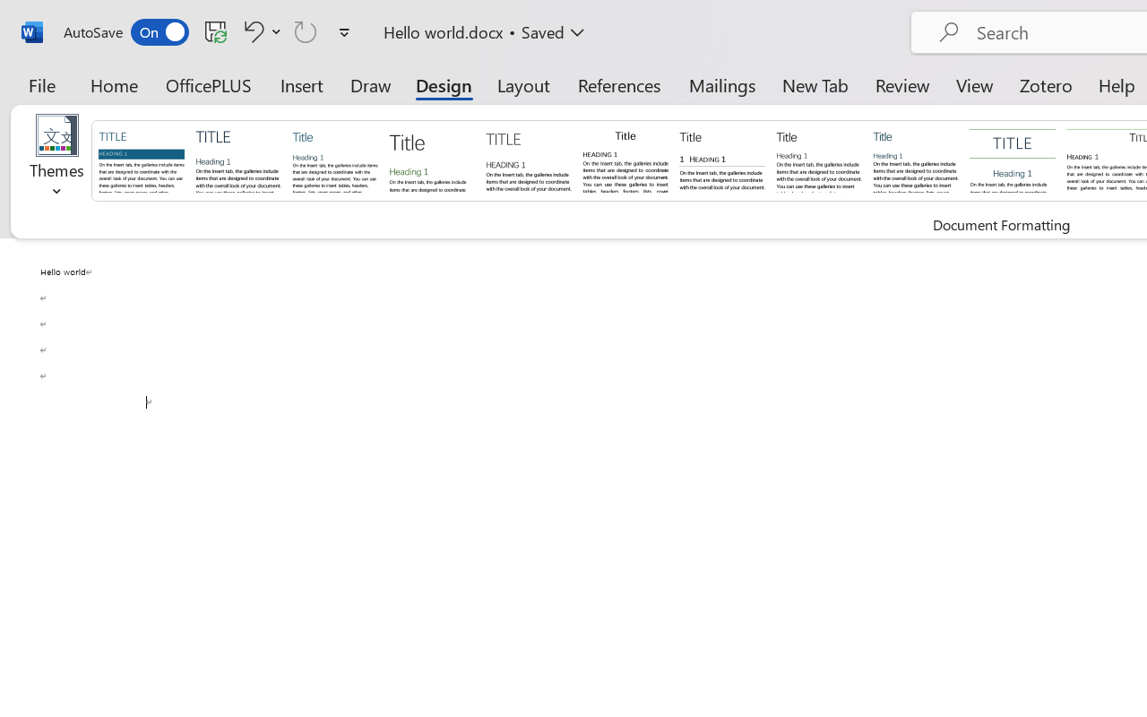 The image size is (1147, 717). I want to click on 'Basic (Stylish)', so click(431, 159).